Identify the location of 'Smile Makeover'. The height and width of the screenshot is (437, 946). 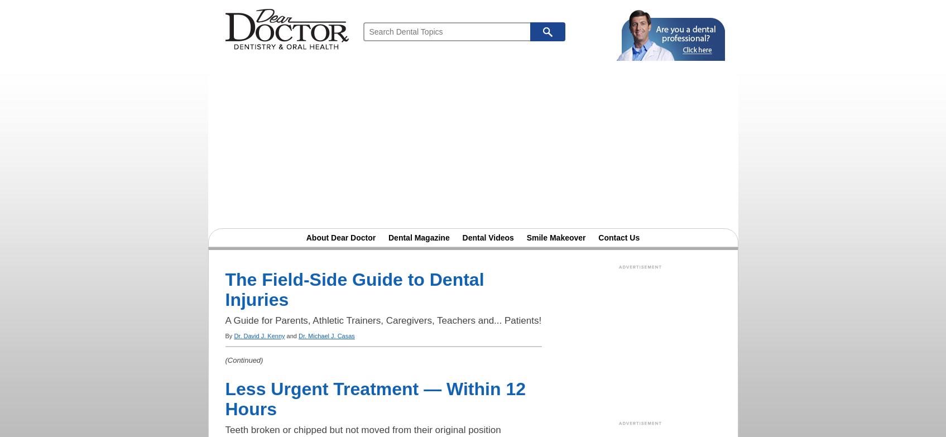
(555, 237).